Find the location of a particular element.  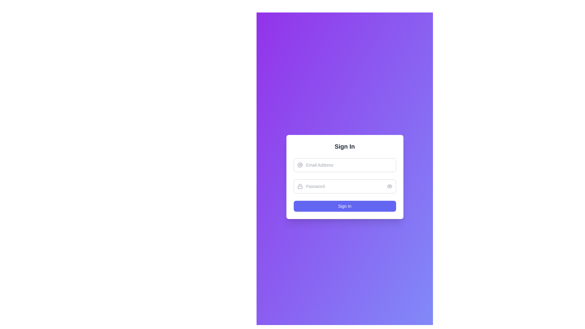

the password visibility toggle button, which is a transparent button with a gray outlined eye icon positioned on the right side of the password input field is located at coordinates (389, 186).